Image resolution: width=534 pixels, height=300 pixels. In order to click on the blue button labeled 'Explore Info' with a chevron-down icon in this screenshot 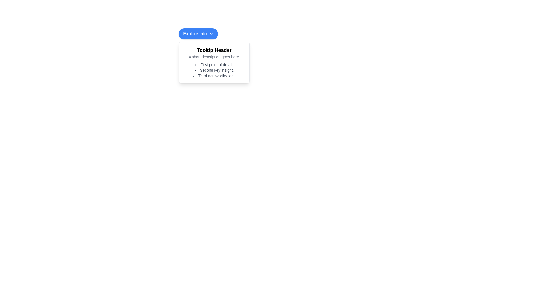, I will do `click(198, 34)`.